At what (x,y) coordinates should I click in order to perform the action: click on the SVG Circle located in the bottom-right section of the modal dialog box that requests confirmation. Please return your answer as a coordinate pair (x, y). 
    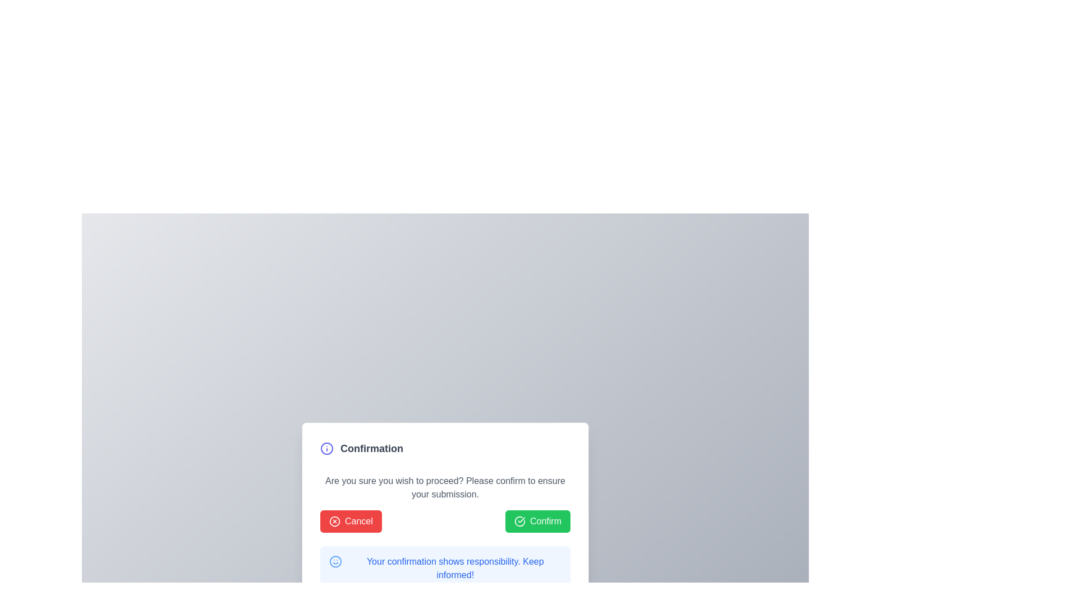
    Looking at the image, I should click on (326, 448).